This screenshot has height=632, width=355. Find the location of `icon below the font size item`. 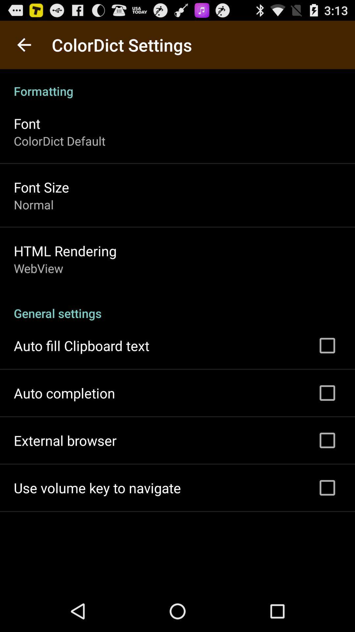

icon below the font size item is located at coordinates (34, 204).